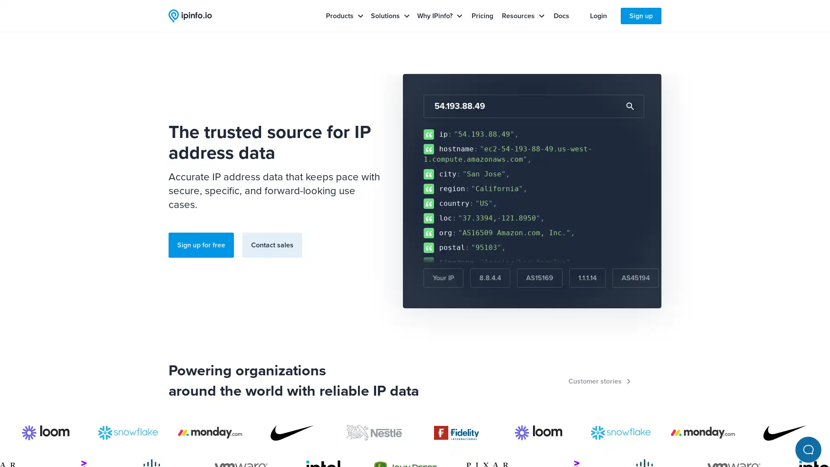 The width and height of the screenshot is (830, 467). Describe the element at coordinates (587, 278) in the screenshot. I see `1.1.1.14` at that location.